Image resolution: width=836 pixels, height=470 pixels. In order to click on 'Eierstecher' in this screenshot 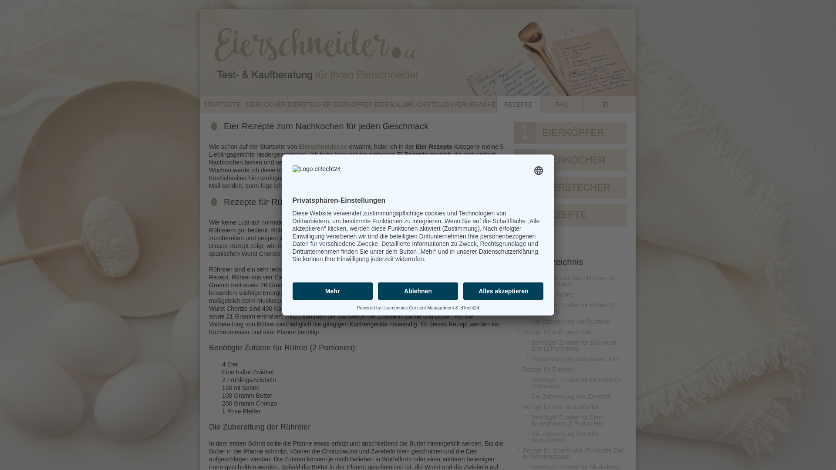, I will do `click(570, 189)`.